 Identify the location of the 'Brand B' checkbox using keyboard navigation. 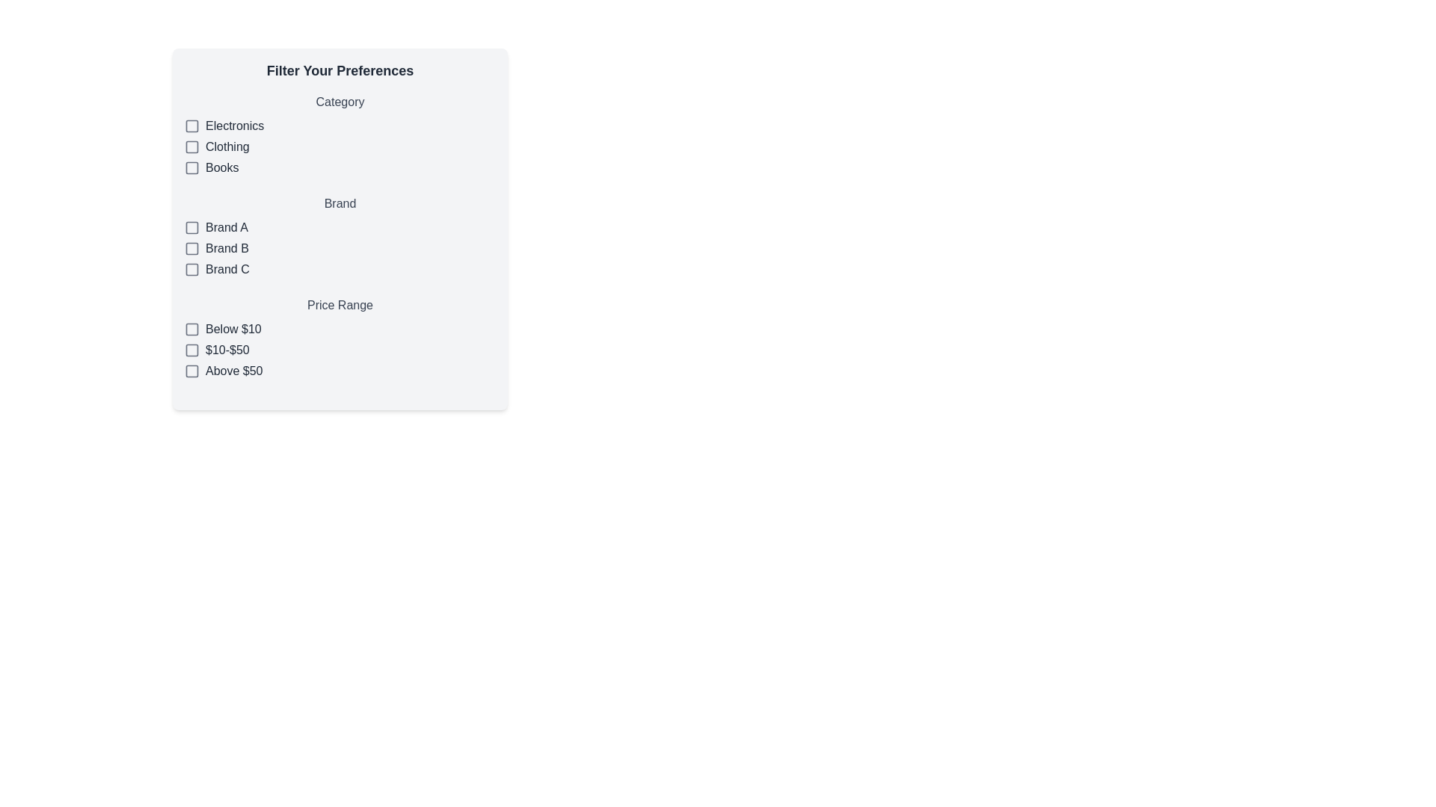
(191, 247).